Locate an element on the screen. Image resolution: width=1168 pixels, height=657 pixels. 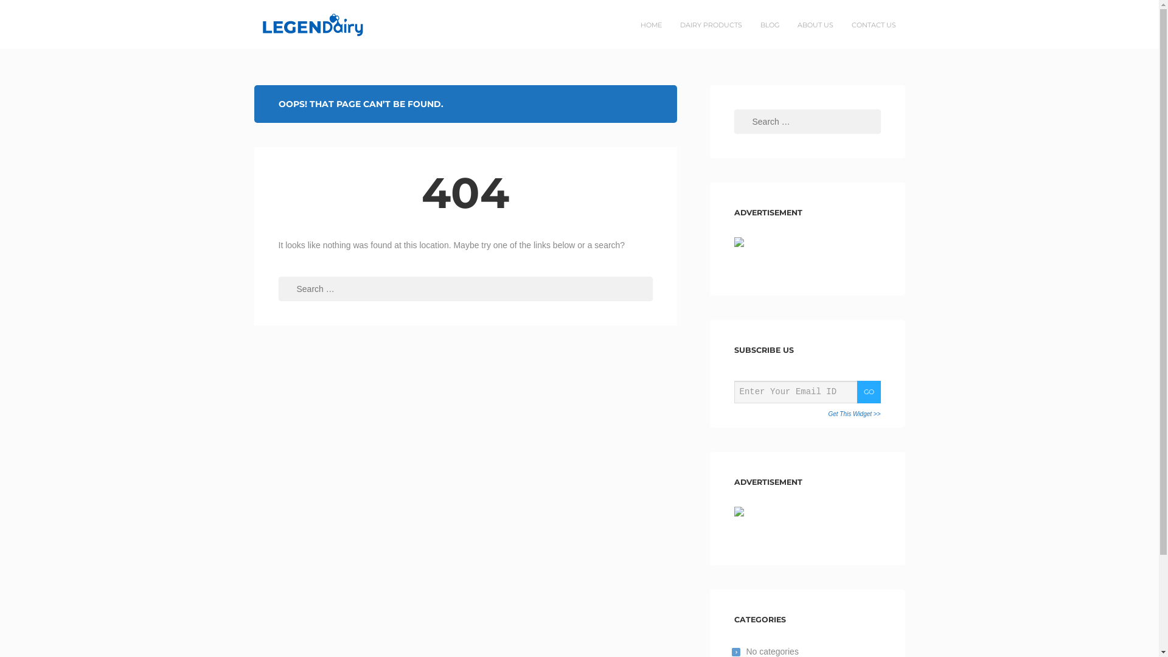
'Get This Widget >>' is located at coordinates (853, 414).